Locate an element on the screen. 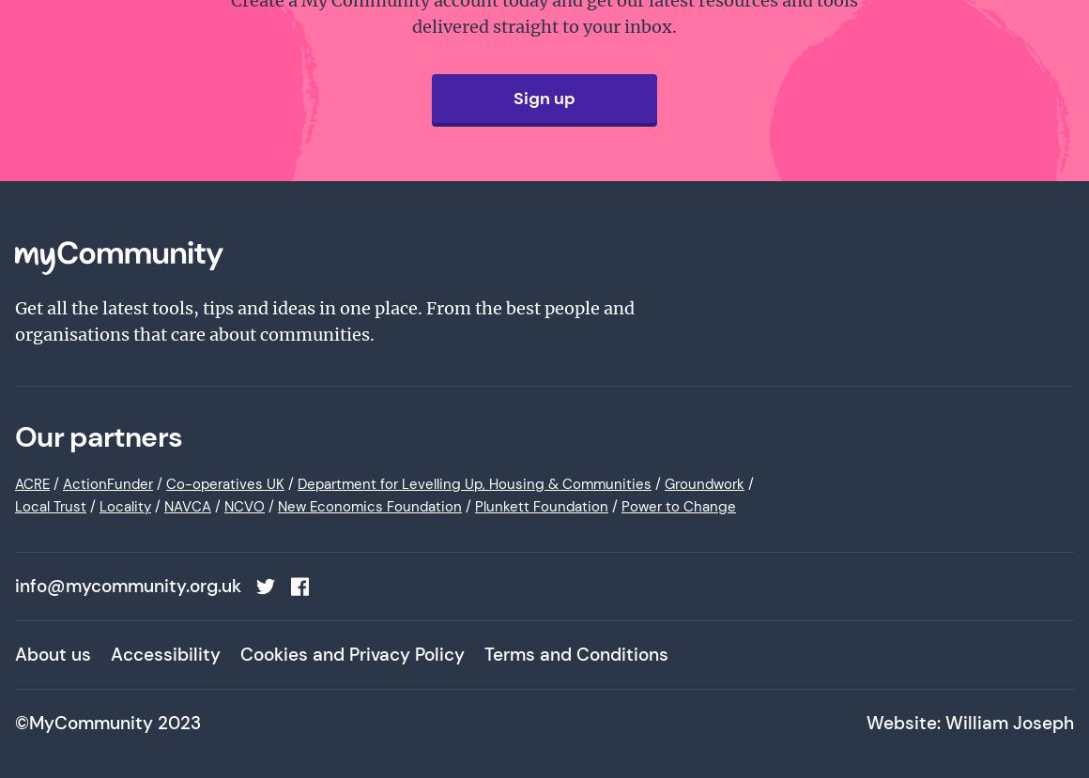  'Our partners' is located at coordinates (97, 436).